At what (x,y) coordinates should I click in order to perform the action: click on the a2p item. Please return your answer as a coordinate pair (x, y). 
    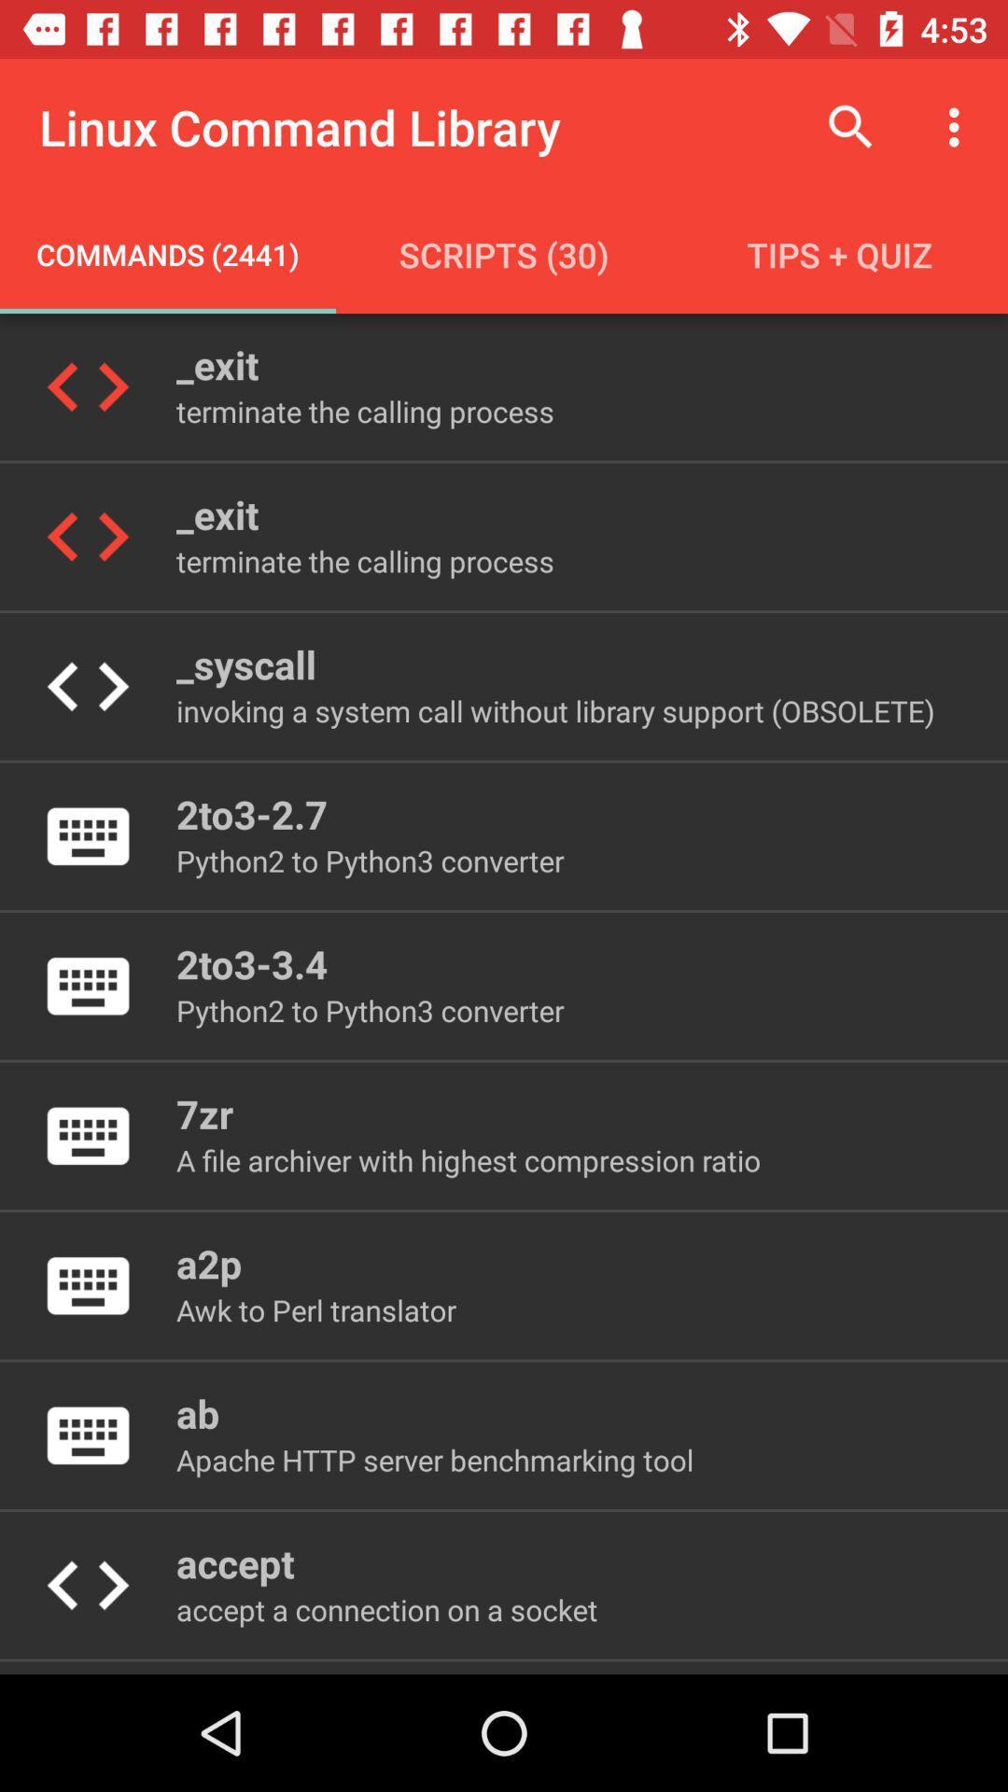
    Looking at the image, I should click on (209, 1263).